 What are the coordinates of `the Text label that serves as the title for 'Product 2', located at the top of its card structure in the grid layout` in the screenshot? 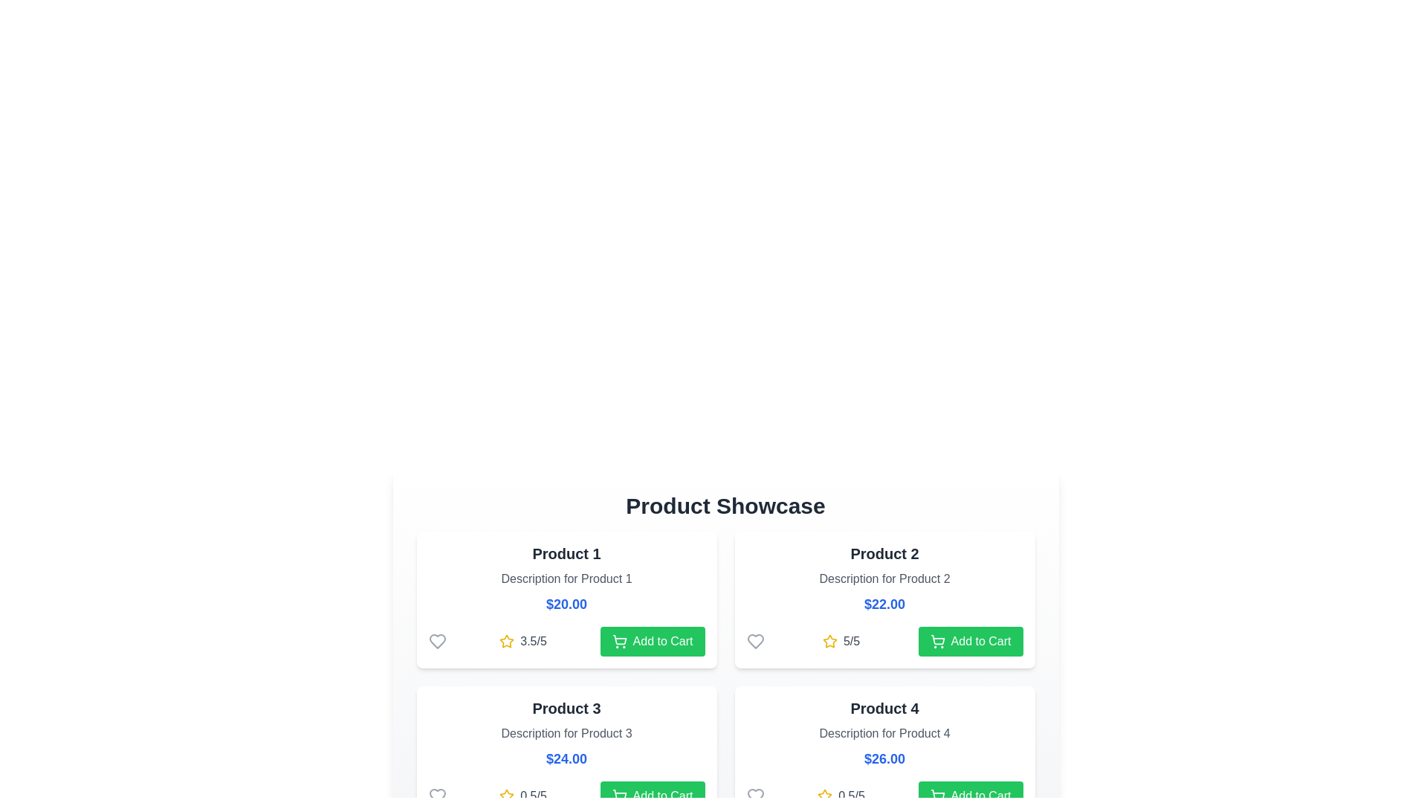 It's located at (884, 553).